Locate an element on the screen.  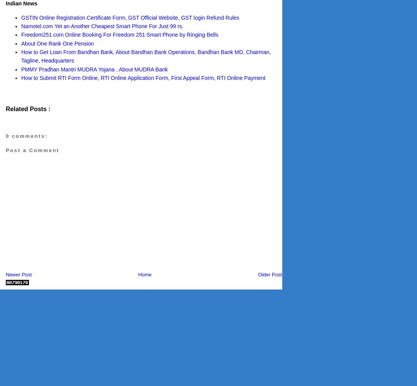
'Older Post' is located at coordinates (269, 274).